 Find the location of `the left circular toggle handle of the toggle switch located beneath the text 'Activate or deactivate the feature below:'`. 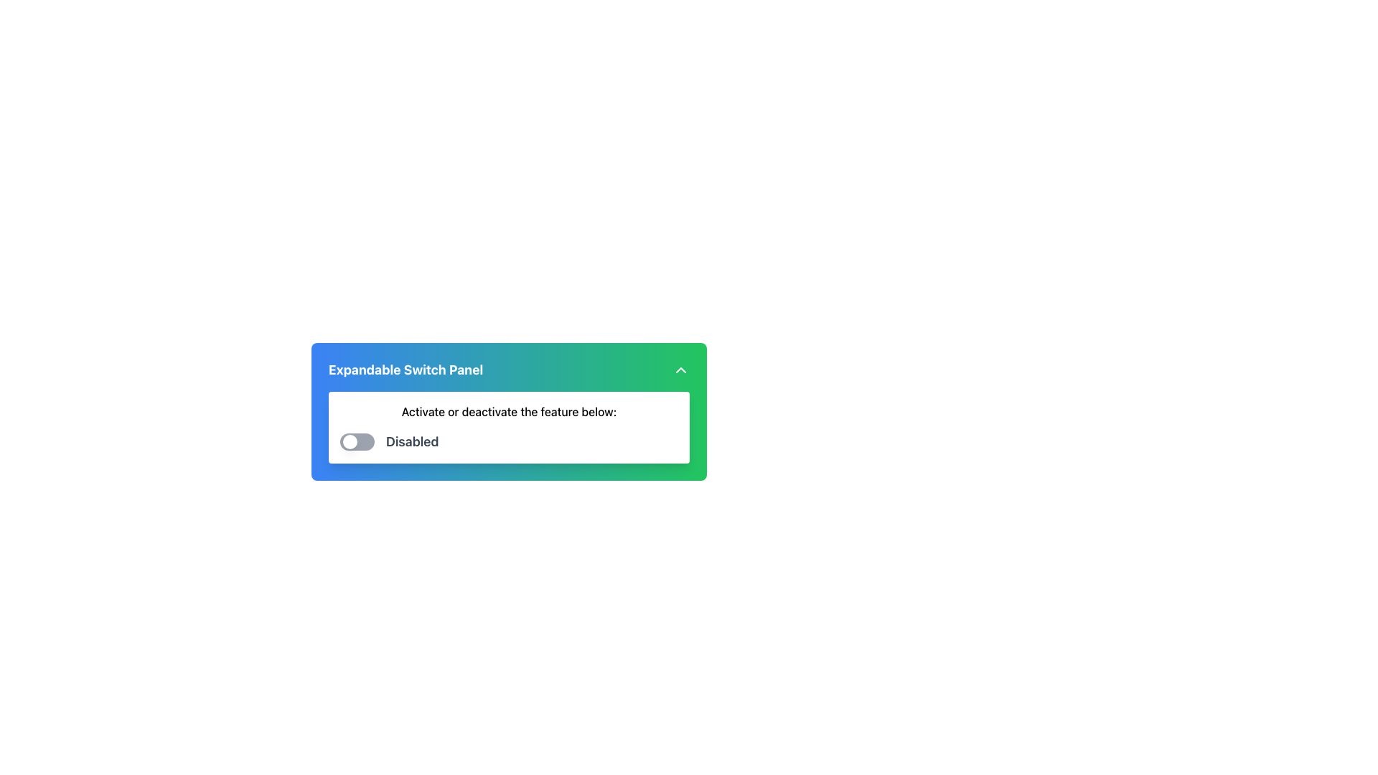

the left circular toggle handle of the toggle switch located beneath the text 'Activate or deactivate the feature below:' is located at coordinates (350, 441).